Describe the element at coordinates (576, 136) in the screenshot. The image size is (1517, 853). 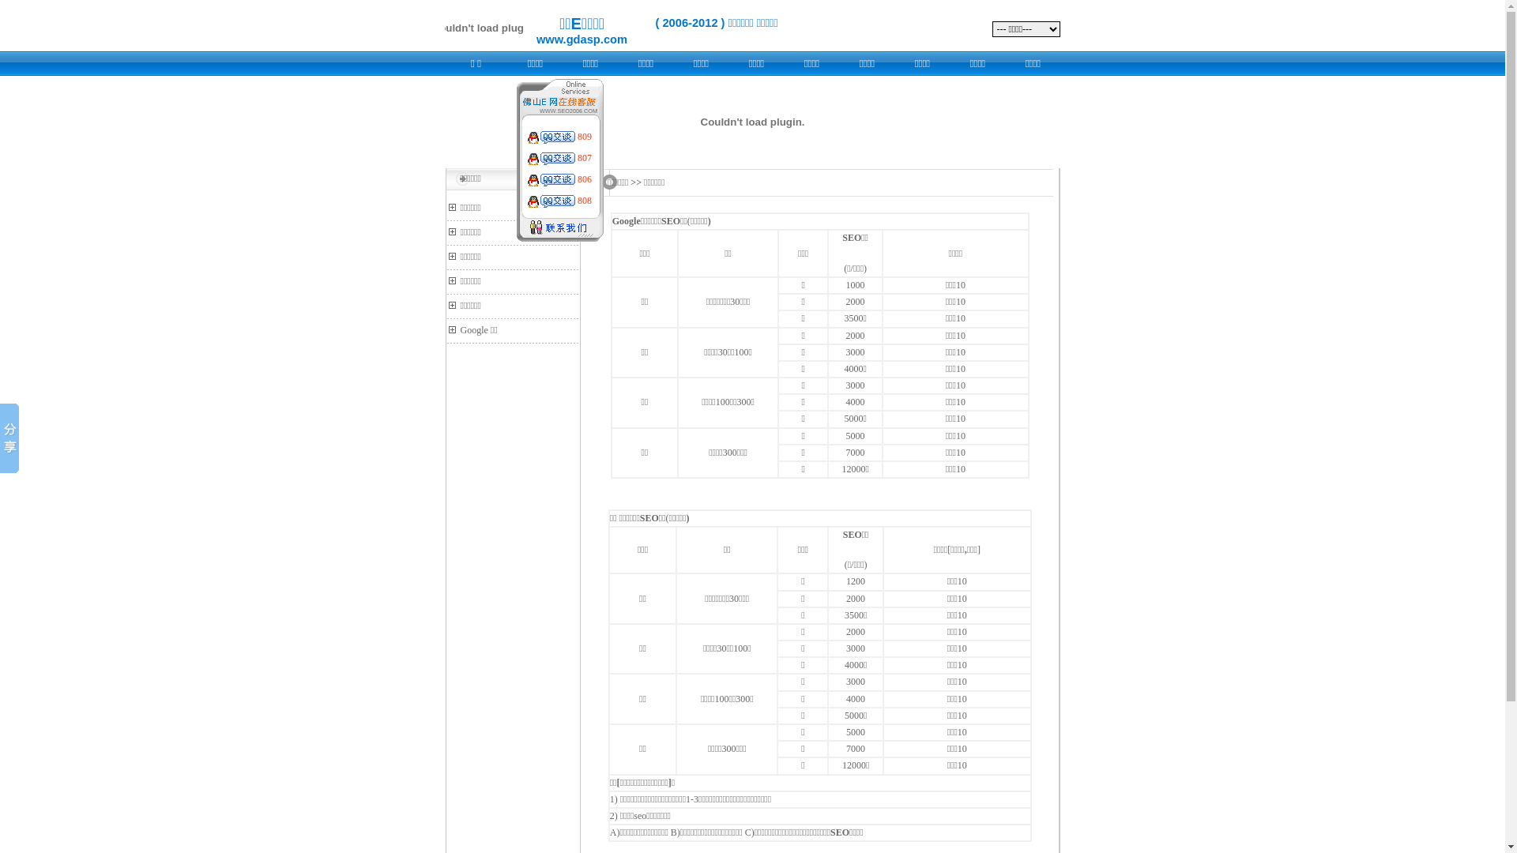
I see `'809'` at that location.